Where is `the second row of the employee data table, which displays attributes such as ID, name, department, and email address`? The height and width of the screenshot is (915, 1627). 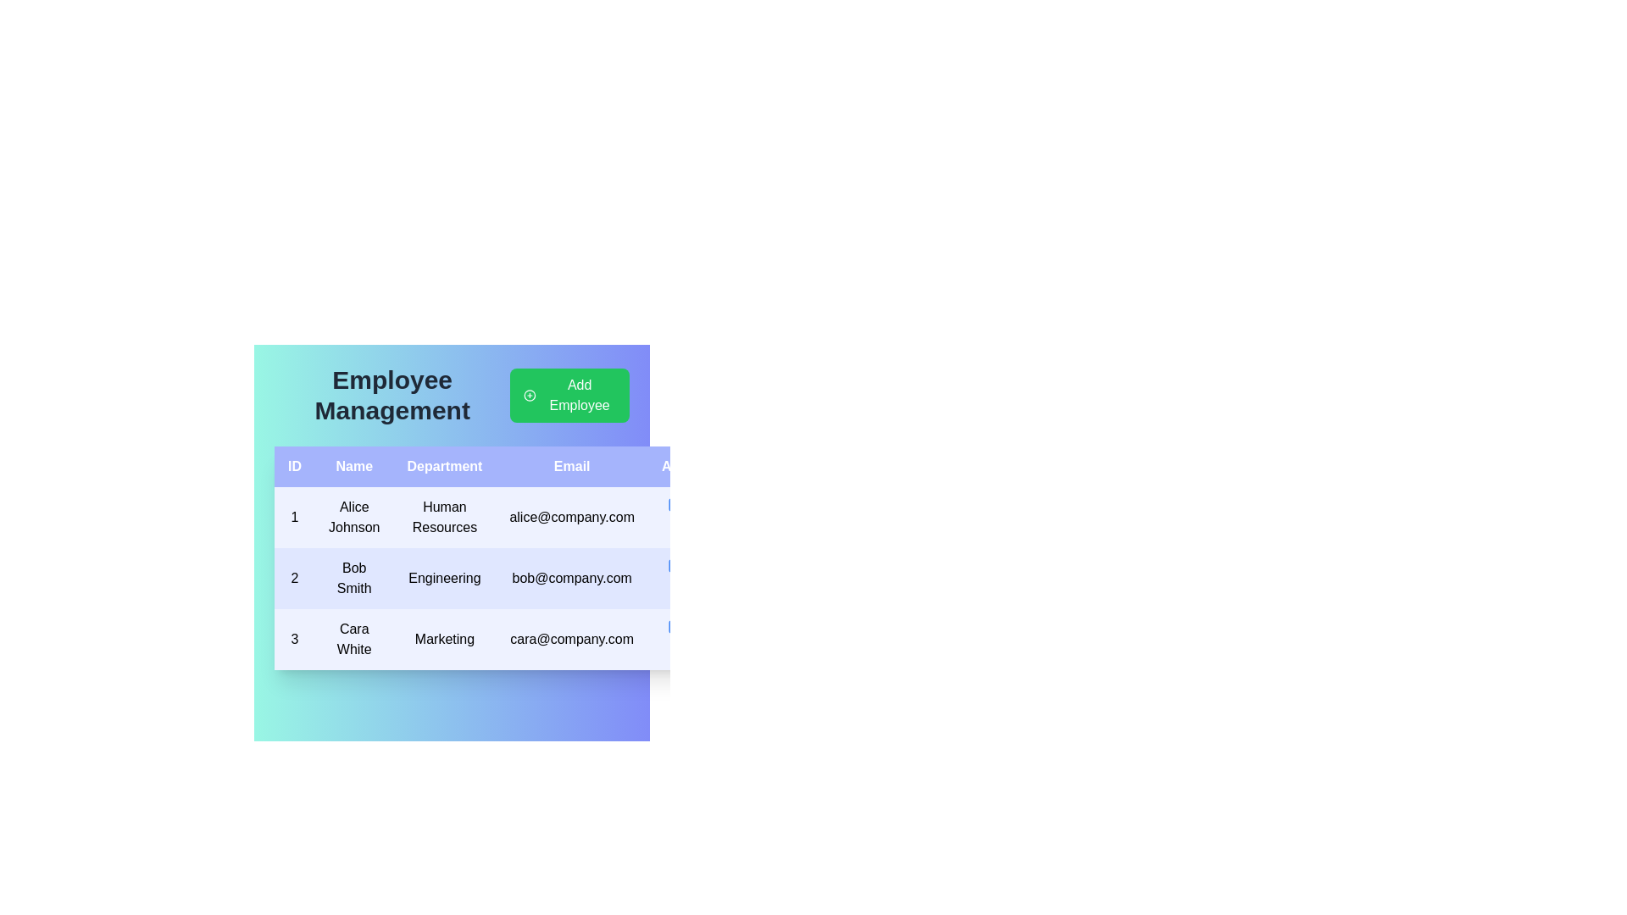
the second row of the employee data table, which displays attributes such as ID, name, department, and email address is located at coordinates (498, 577).